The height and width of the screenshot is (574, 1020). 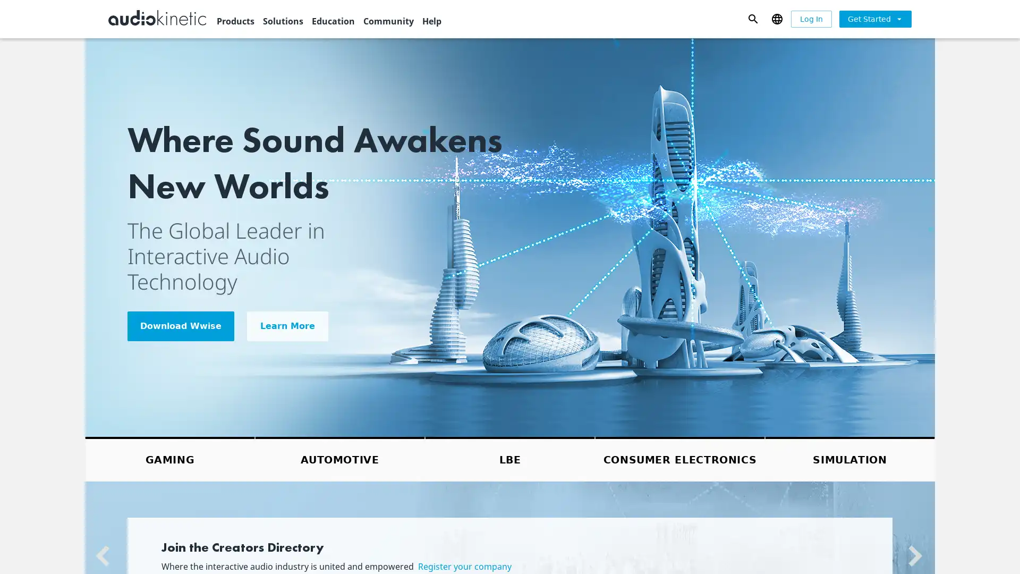 I want to click on GAMING, so click(x=170, y=458).